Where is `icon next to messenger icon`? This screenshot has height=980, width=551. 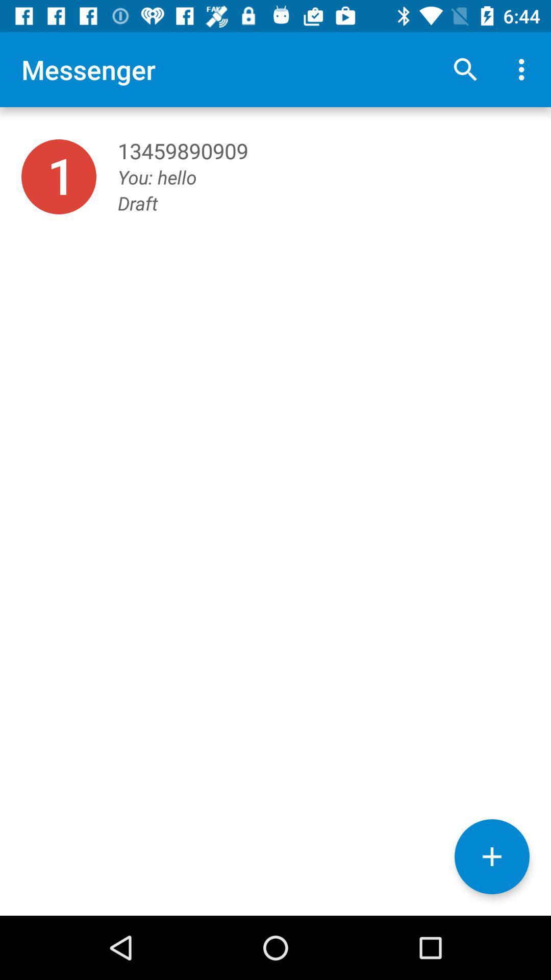
icon next to messenger icon is located at coordinates (465, 69).